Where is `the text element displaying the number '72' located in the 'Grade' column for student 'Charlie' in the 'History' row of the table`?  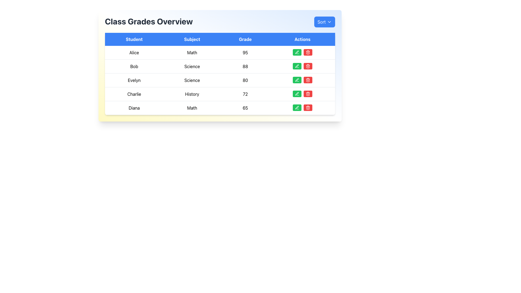 the text element displaying the number '72' located in the 'Grade' column for student 'Charlie' in the 'History' row of the table is located at coordinates (245, 94).